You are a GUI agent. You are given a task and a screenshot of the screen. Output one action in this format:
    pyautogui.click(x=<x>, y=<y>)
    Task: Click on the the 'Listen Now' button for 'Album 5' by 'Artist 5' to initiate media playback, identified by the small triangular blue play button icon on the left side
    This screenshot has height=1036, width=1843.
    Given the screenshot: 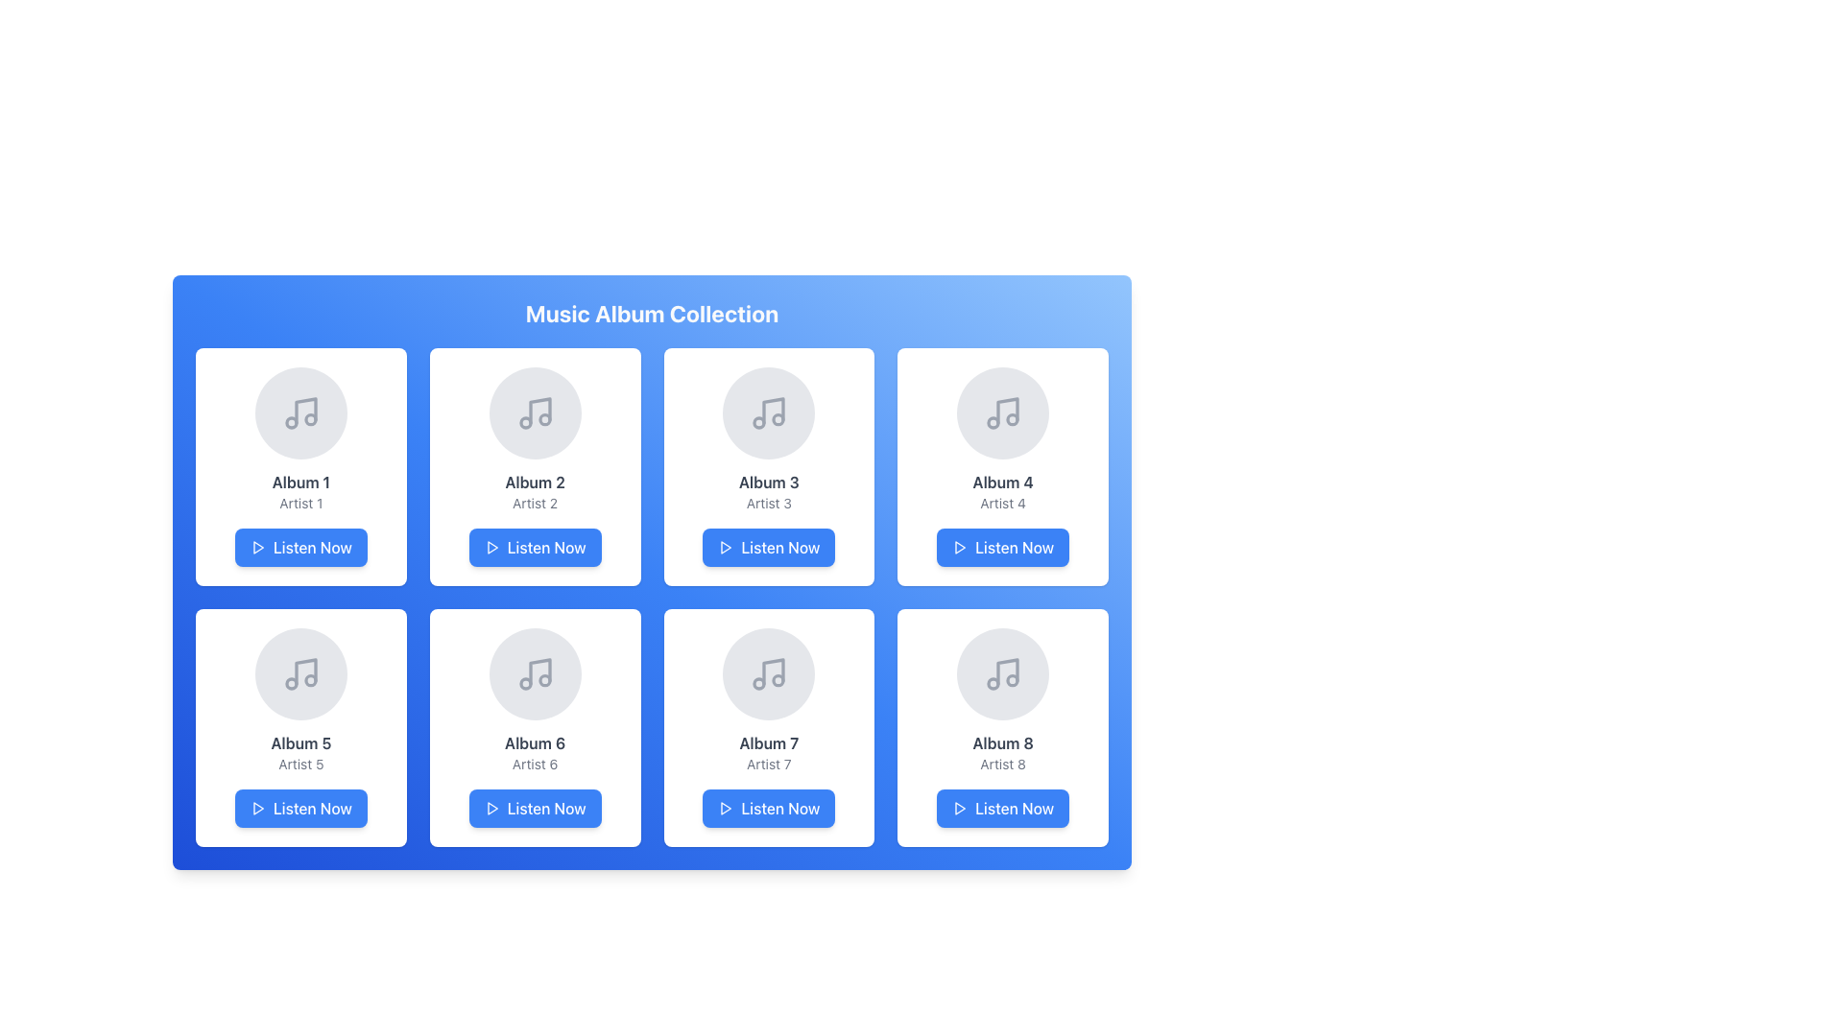 What is the action you would take?
    pyautogui.click(x=256, y=809)
    